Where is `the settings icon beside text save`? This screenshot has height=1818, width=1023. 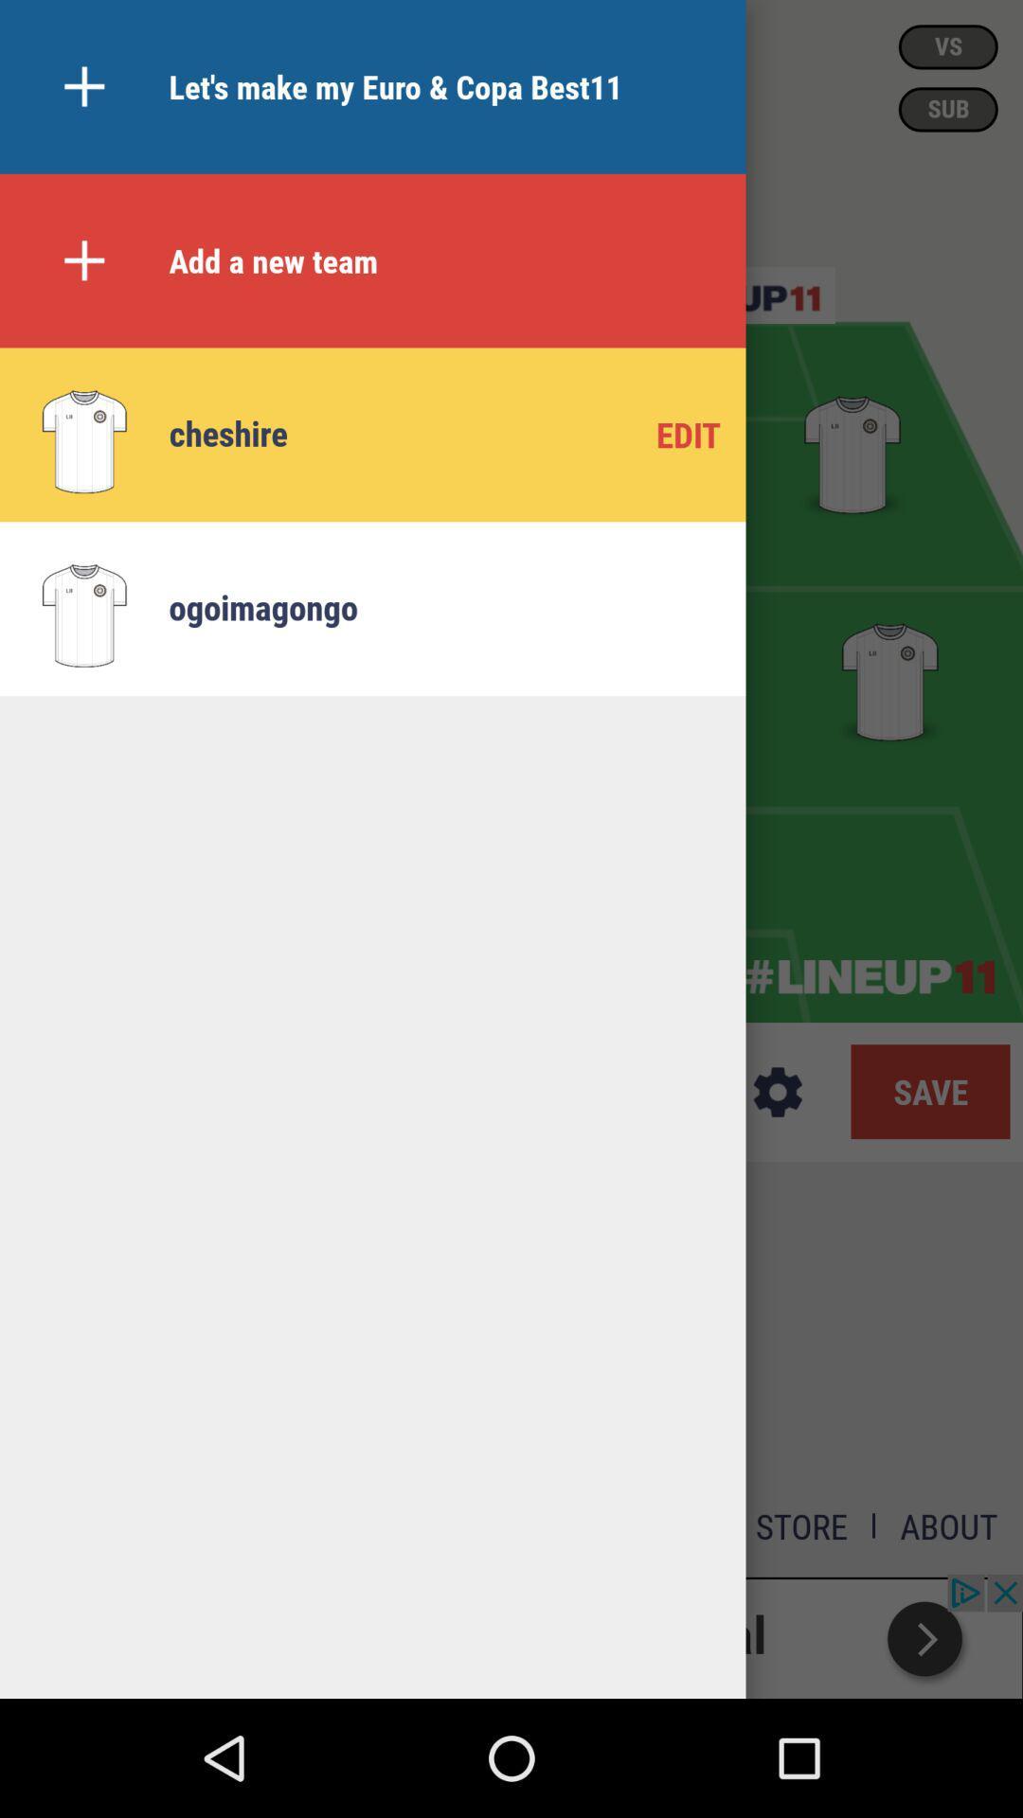 the settings icon beside text save is located at coordinates (778, 1092).